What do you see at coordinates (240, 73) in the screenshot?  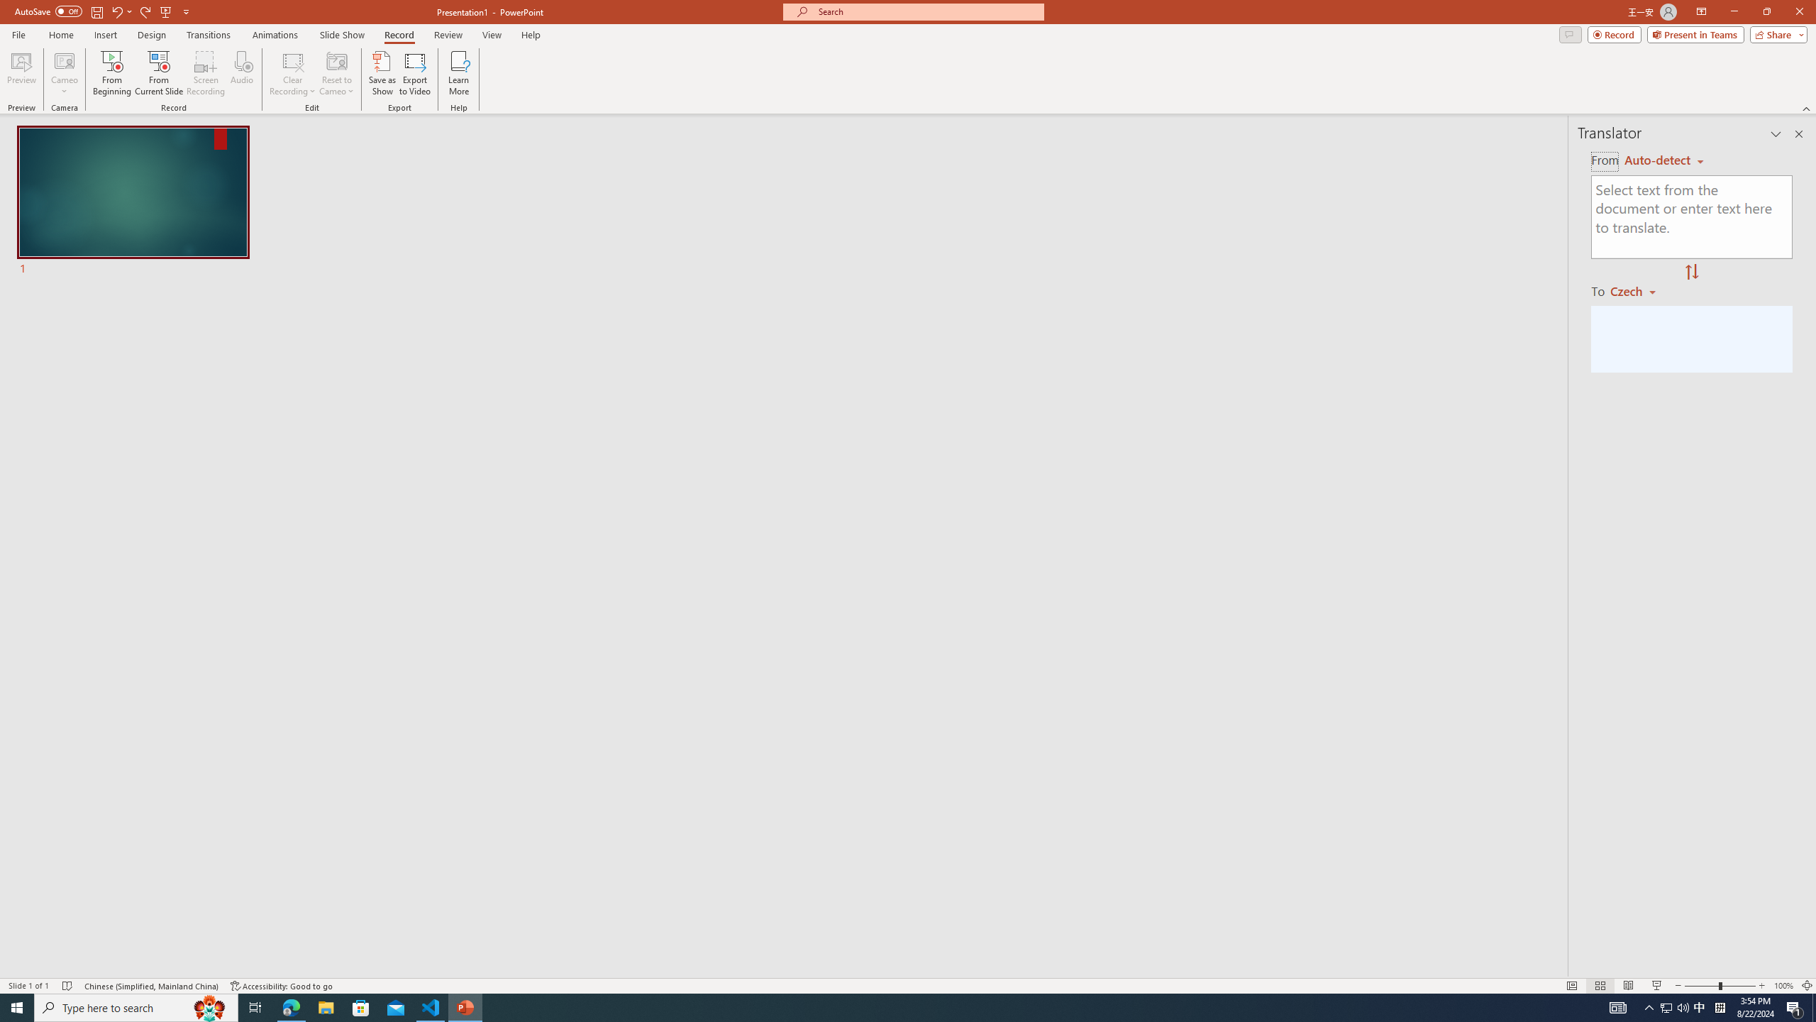 I see `'Audio'` at bounding box center [240, 73].